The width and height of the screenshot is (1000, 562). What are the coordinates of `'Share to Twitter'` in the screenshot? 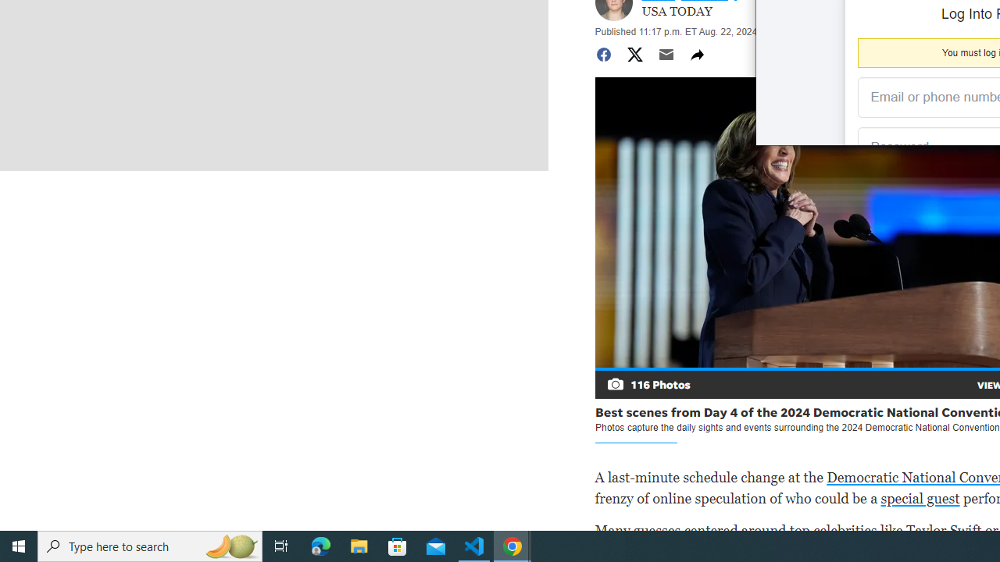 It's located at (634, 53).